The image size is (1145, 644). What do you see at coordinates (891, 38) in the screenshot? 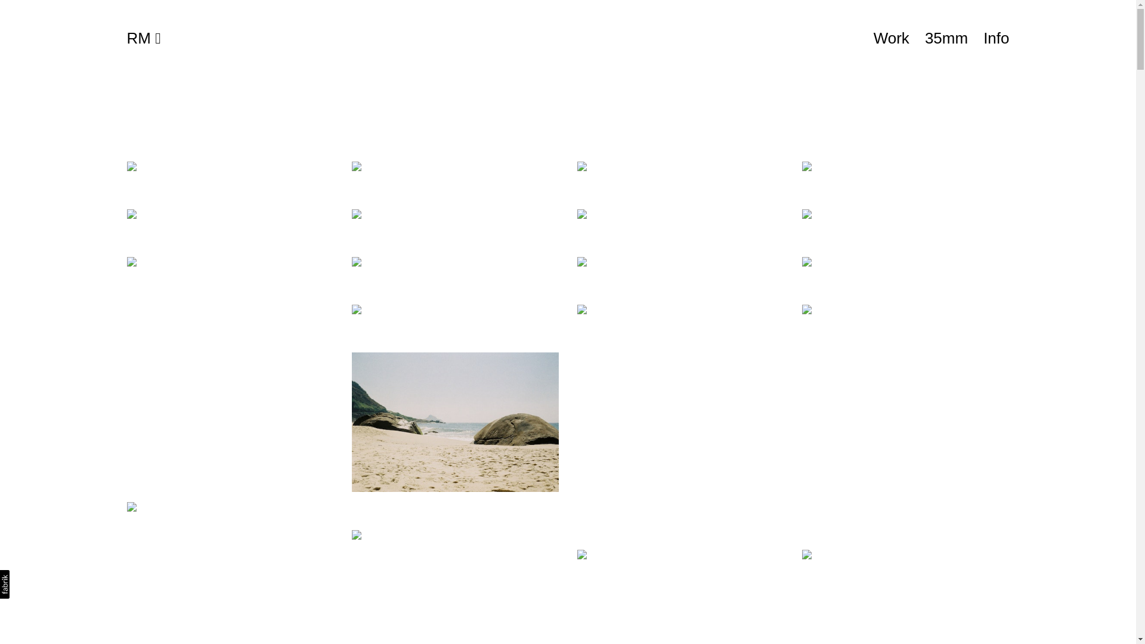
I see `'Work'` at bounding box center [891, 38].